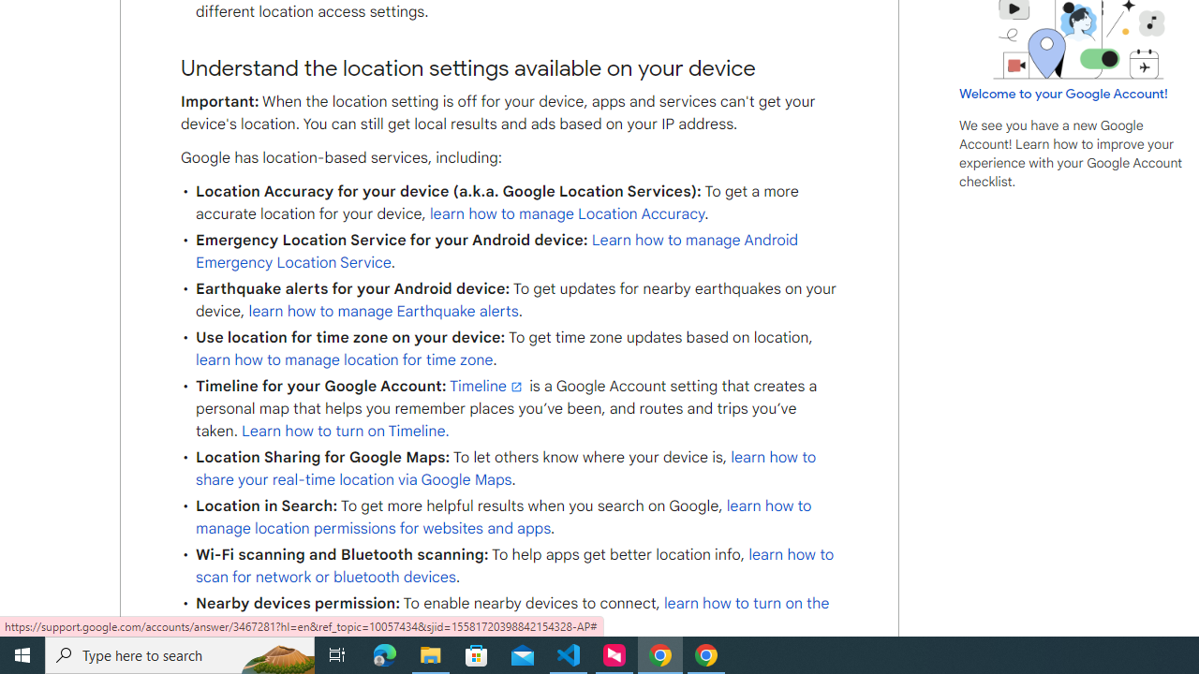 The width and height of the screenshot is (1199, 674). Describe the element at coordinates (566, 212) in the screenshot. I see `'learn how to manage Location Accuracy'` at that location.